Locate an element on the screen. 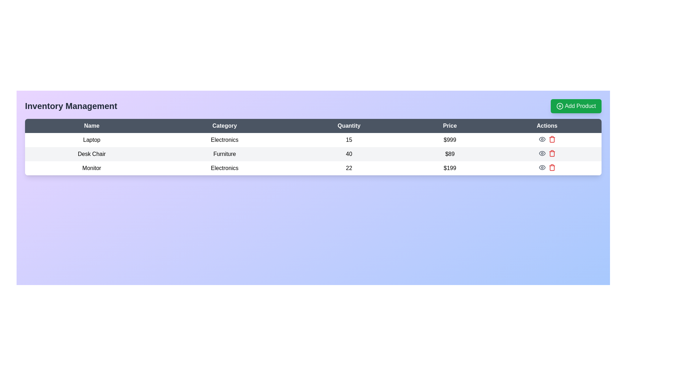 Image resolution: width=677 pixels, height=381 pixels. the static text displaying the number '15' in the 'Quantity' column of the table, located between the 'Electronics' category cell and the '$999' price cell is located at coordinates (349, 140).